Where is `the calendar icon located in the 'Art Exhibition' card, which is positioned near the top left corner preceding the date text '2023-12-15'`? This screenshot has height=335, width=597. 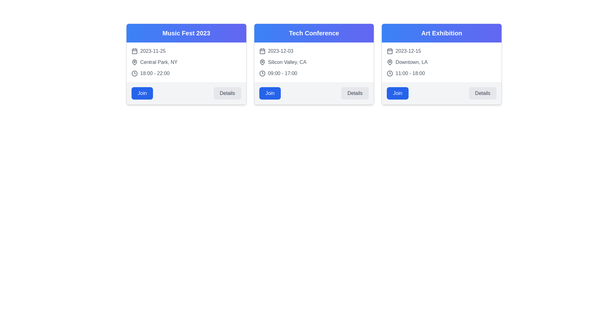 the calendar icon located in the 'Art Exhibition' card, which is positioned near the top left corner preceding the date text '2023-12-15' is located at coordinates (390, 51).